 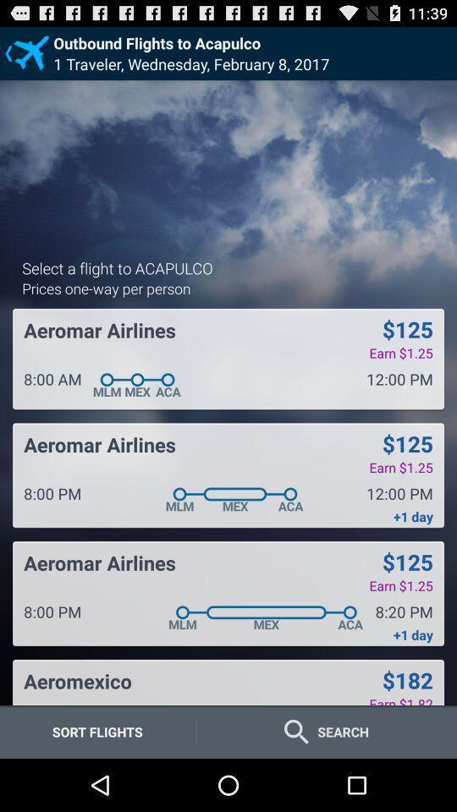 What do you see at coordinates (77, 681) in the screenshot?
I see `aeromexico icon` at bounding box center [77, 681].